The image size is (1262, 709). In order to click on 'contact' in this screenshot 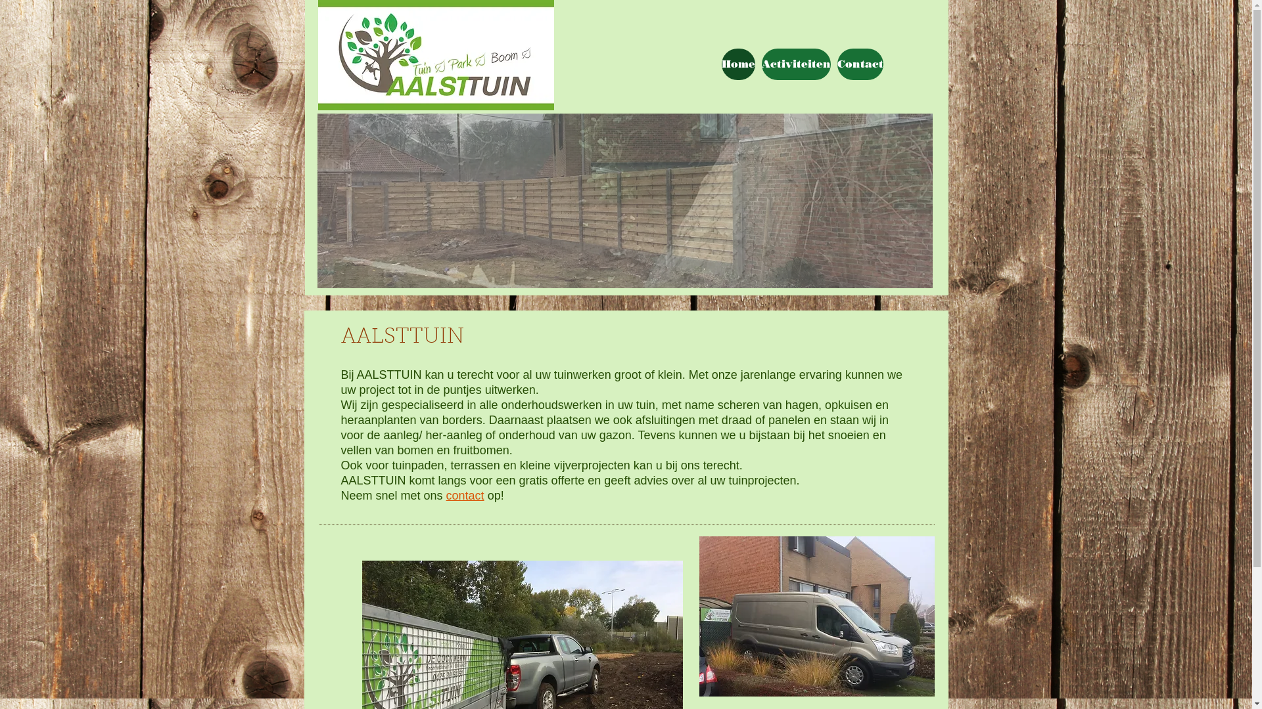, I will do `click(465, 496)`.